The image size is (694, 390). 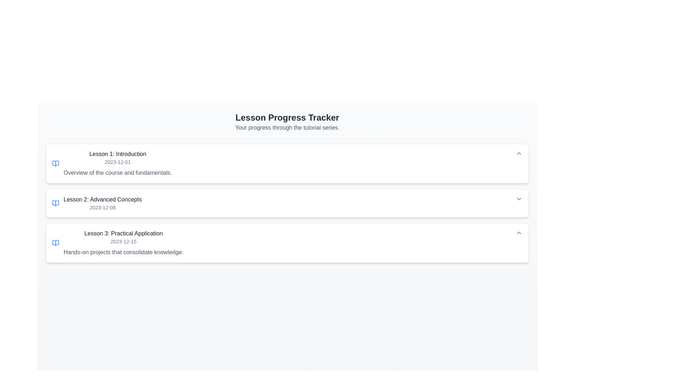 I want to click on the List item displaying 'Lesson 3: Practical Application' in the 'Lesson Progress Tracker', which includes a date and descriptive text, so click(x=123, y=243).